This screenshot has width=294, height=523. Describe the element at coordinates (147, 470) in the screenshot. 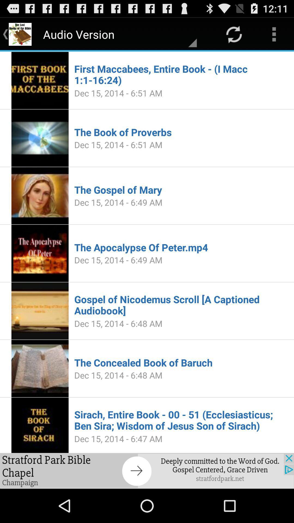

I see `this is add banner in app` at that location.